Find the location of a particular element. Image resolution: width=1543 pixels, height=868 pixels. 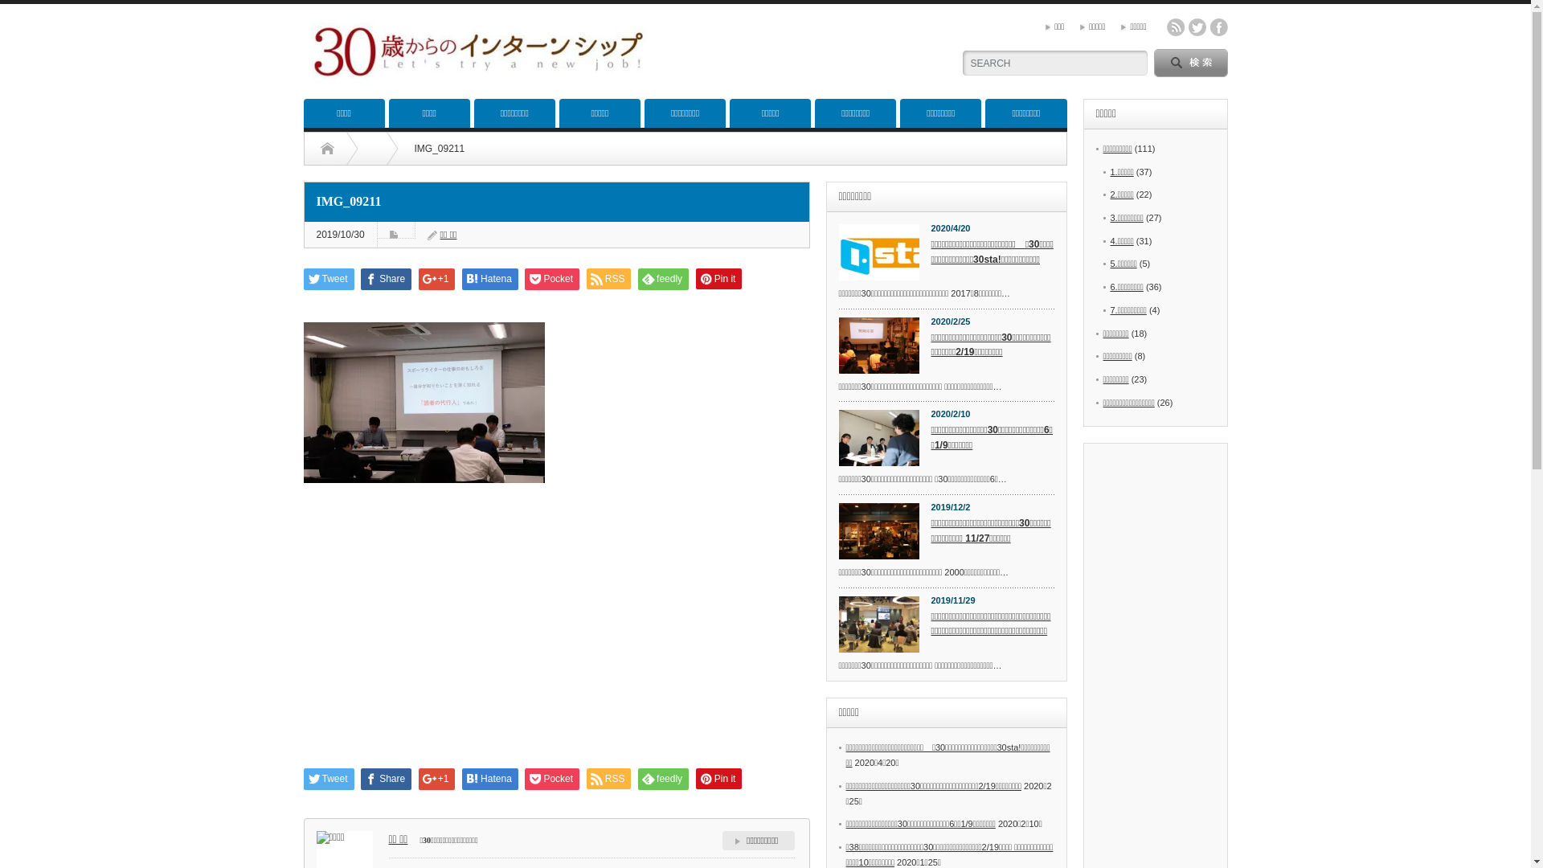

'Hatena' is located at coordinates (489, 278).